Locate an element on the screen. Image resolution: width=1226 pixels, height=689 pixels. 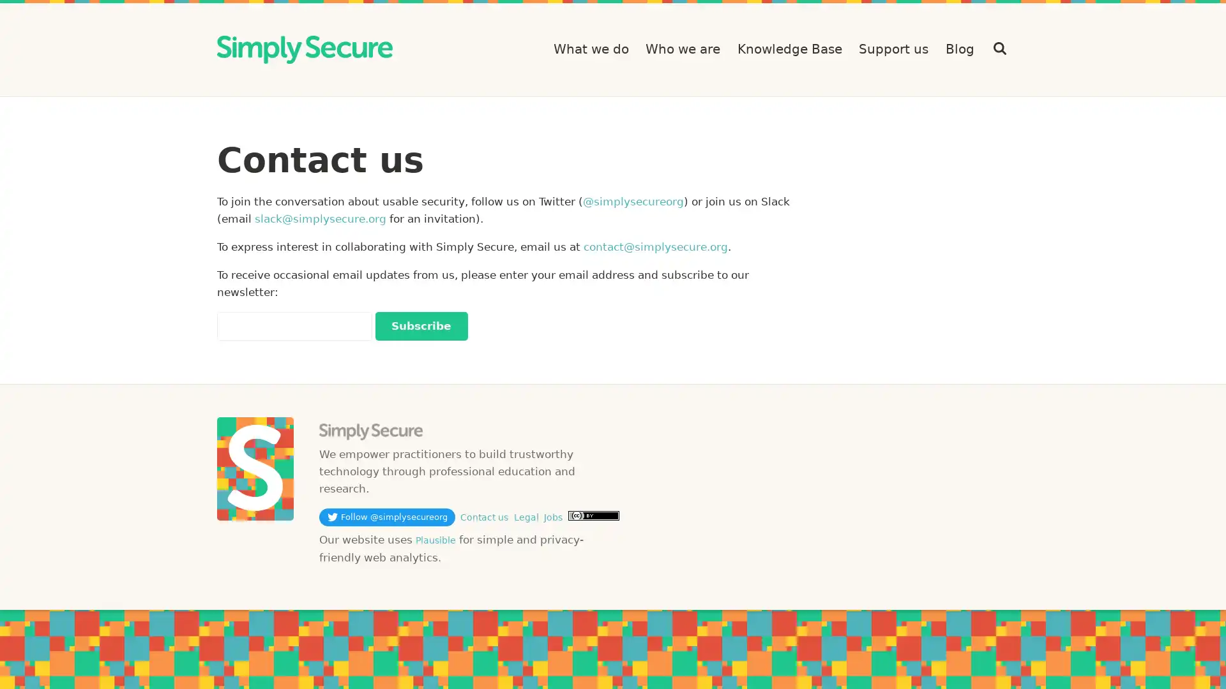
Subscribe is located at coordinates (421, 325).